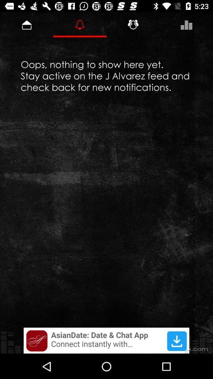 This screenshot has height=379, width=213. What do you see at coordinates (106, 340) in the screenshot?
I see `click advertisement` at bounding box center [106, 340].